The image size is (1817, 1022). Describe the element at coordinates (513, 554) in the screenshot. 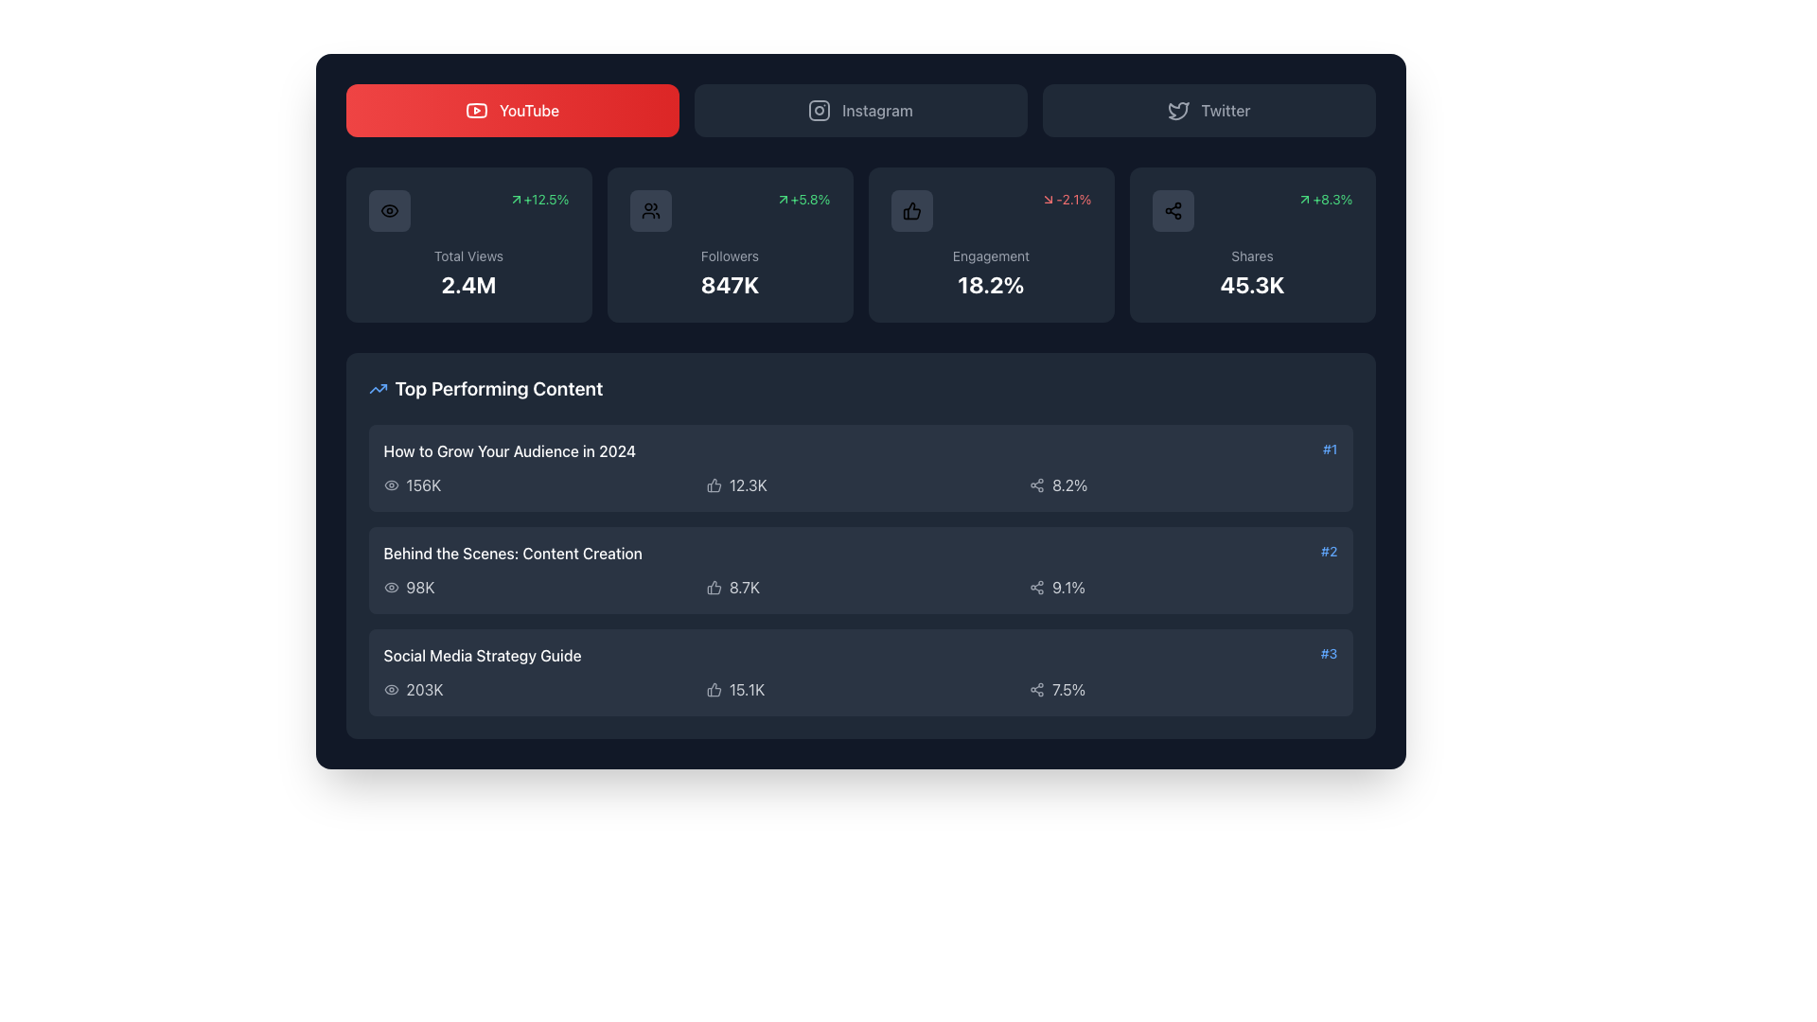

I see `the text label that serves as the title for the second item in the 'Top Performing Content' list` at that location.